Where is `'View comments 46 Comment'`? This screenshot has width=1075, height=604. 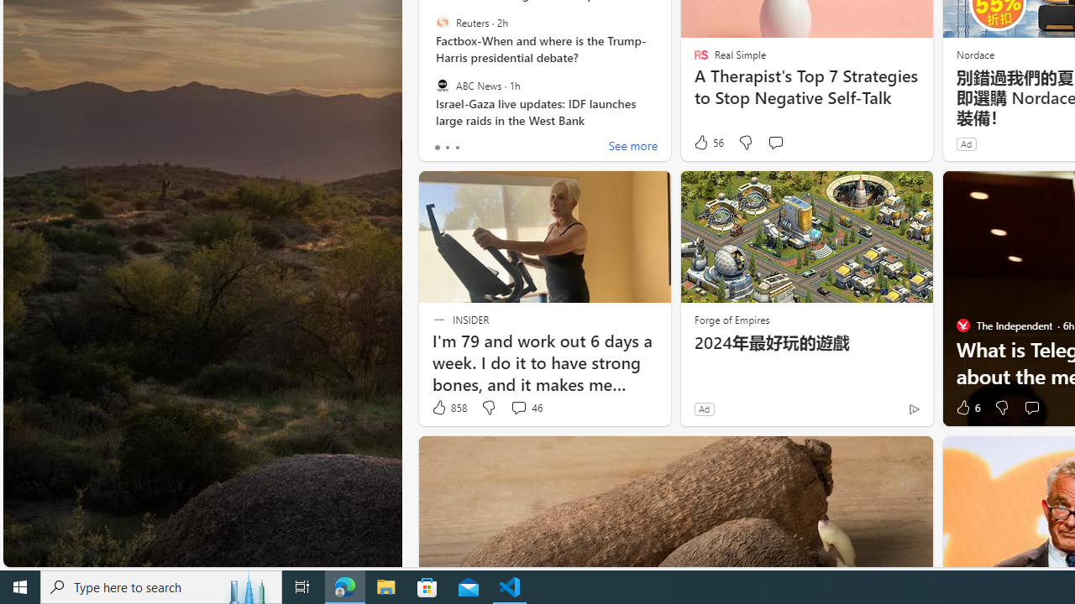 'View comments 46 Comment' is located at coordinates (517, 408).